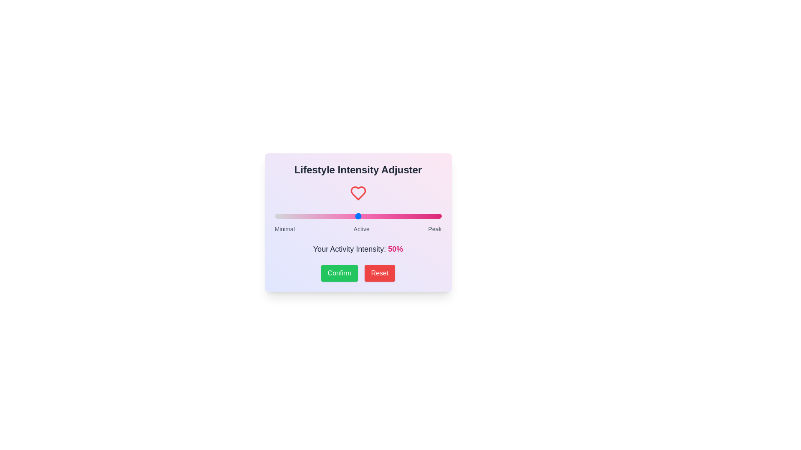 The height and width of the screenshot is (450, 801). What do you see at coordinates (399, 216) in the screenshot?
I see `the slider to set the intensity to 75%` at bounding box center [399, 216].